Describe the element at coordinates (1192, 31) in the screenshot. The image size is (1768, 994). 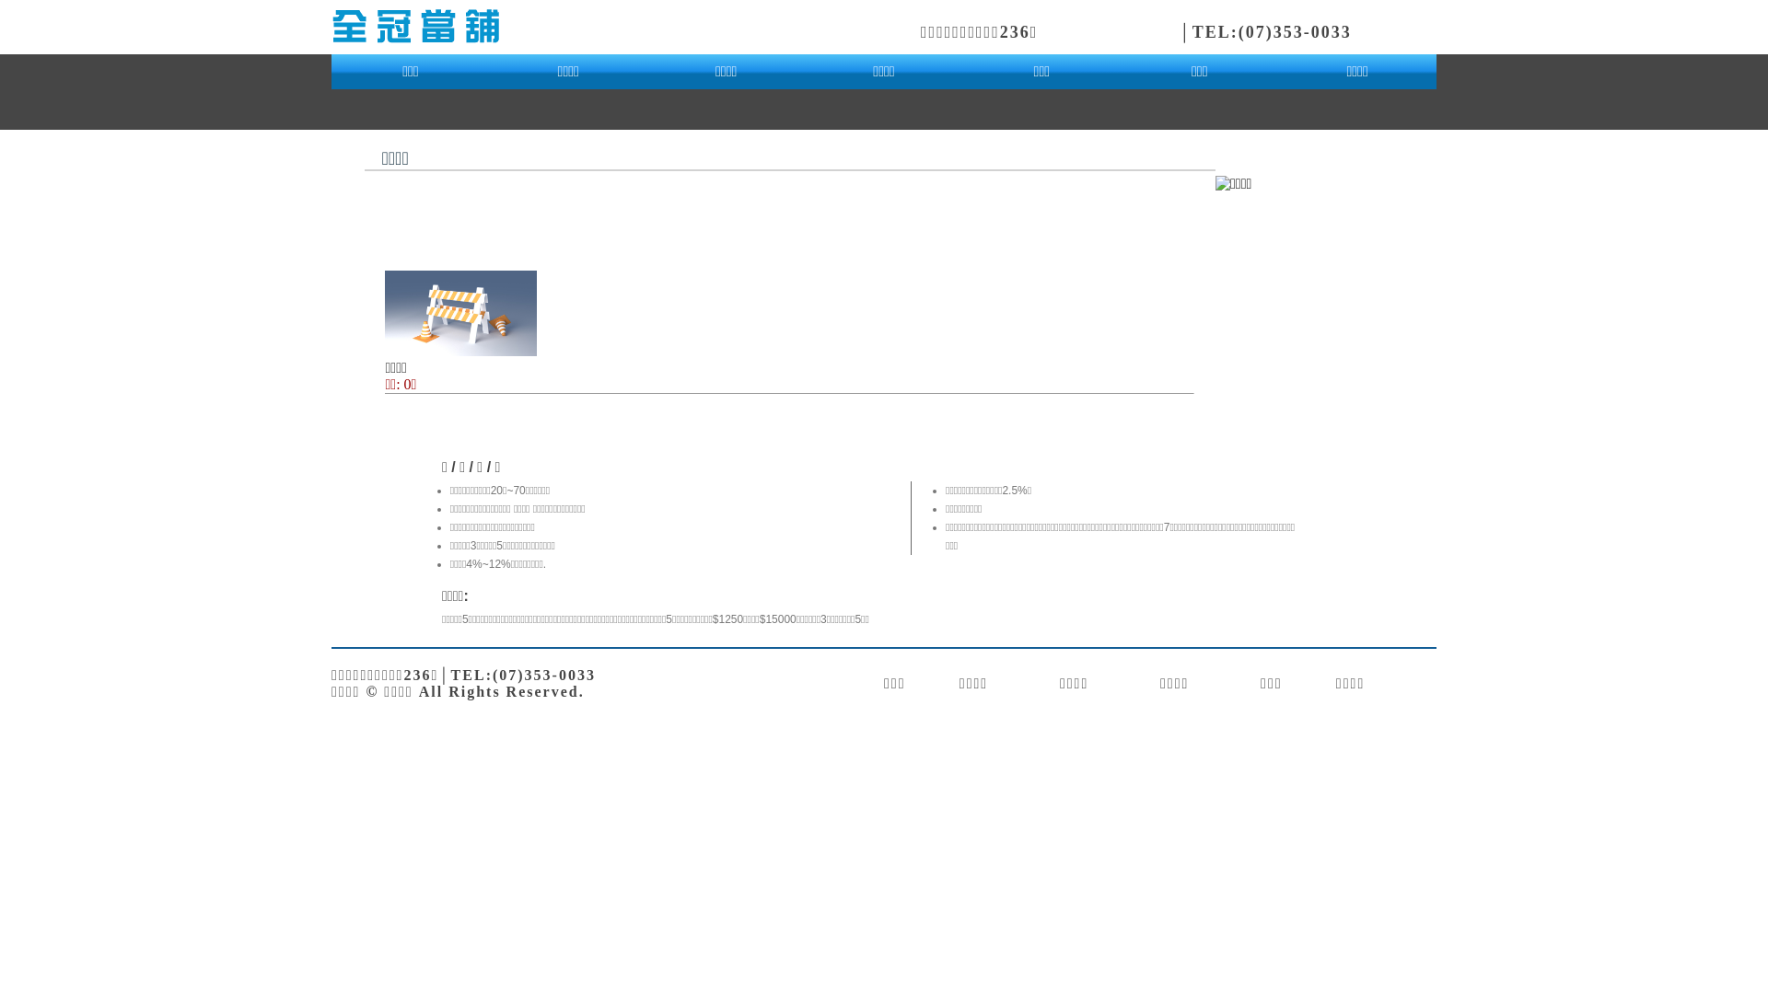
I see `'TEL:(07)353-0033'` at that location.